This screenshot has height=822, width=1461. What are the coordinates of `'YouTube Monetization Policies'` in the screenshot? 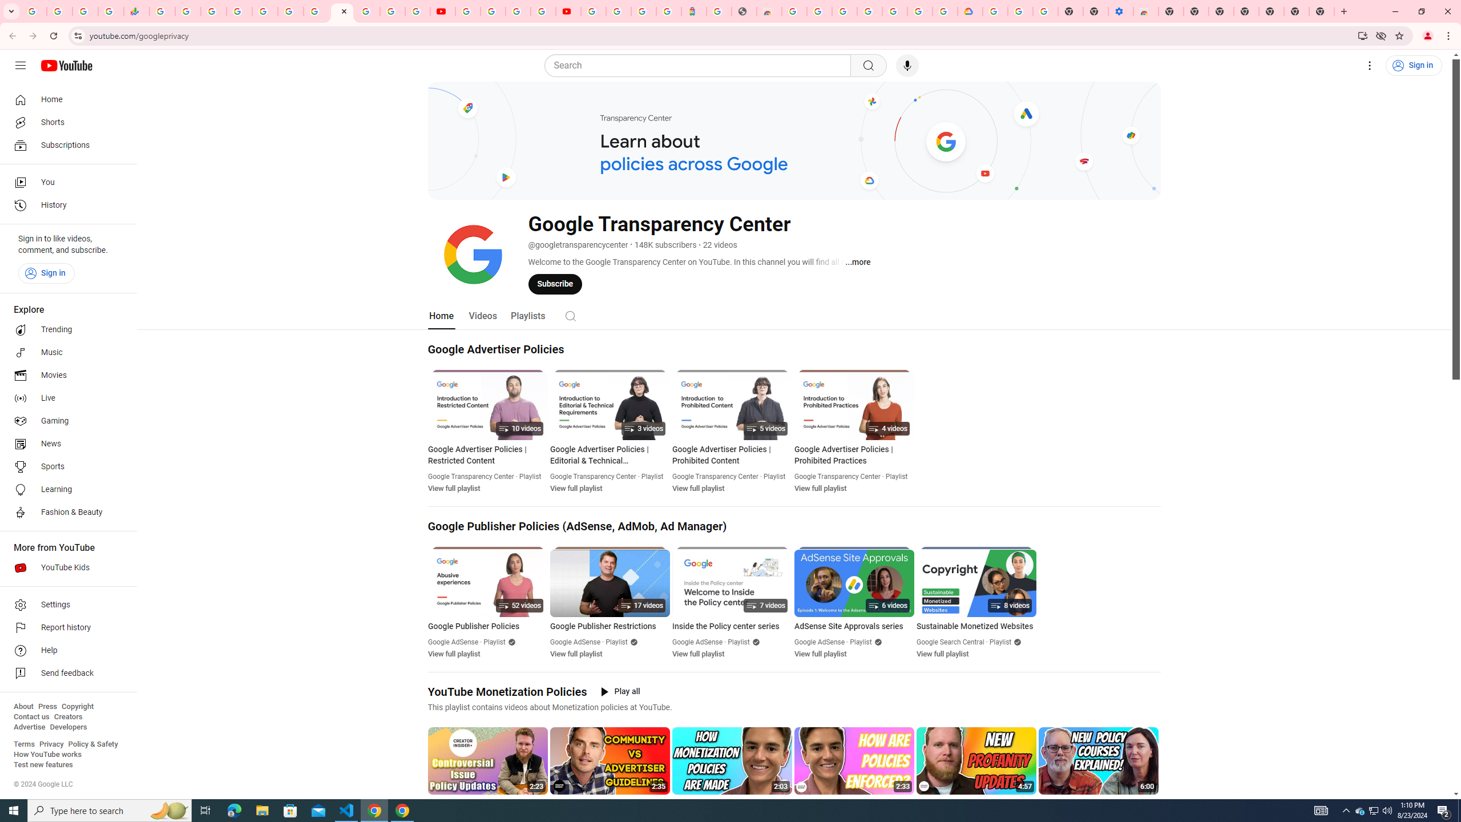 It's located at (507, 691).